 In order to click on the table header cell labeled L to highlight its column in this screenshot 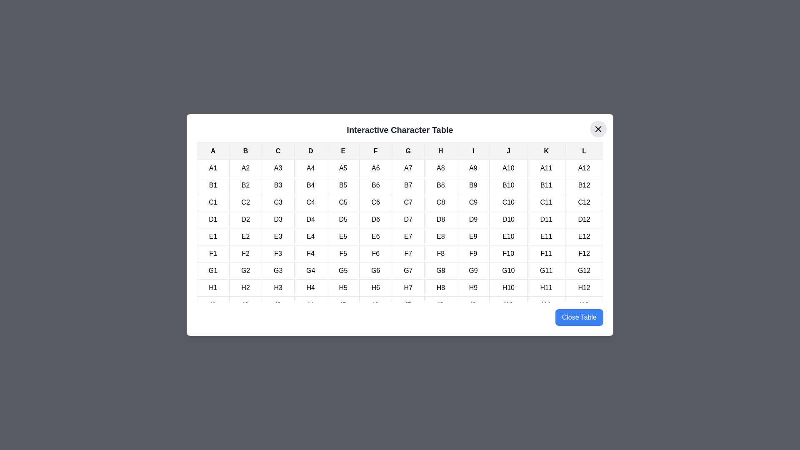, I will do `click(583, 151)`.